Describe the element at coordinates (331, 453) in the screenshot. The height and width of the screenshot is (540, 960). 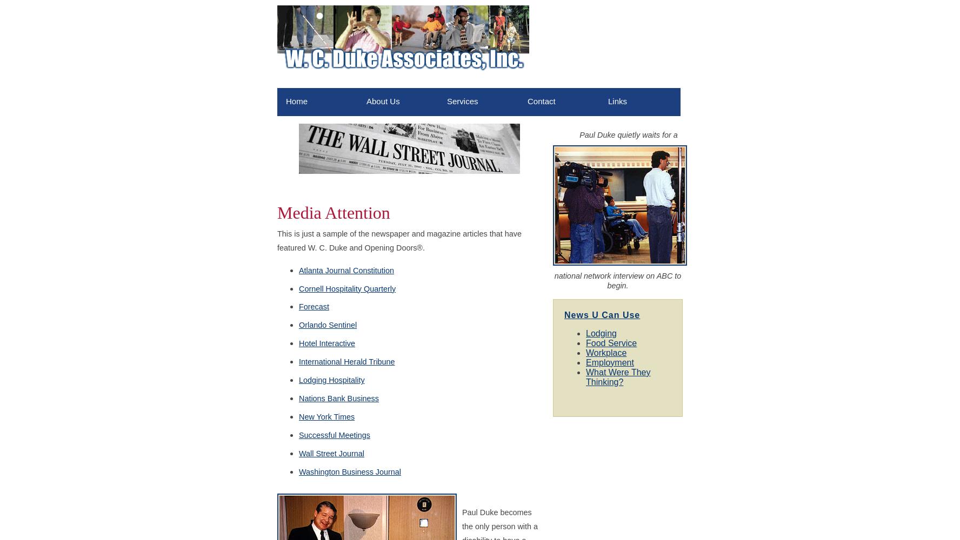
I see `'Wall Street Journal'` at that location.